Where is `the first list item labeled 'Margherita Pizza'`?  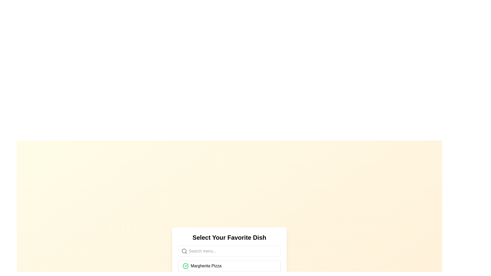 the first list item labeled 'Margherita Pizza' is located at coordinates (229, 266).